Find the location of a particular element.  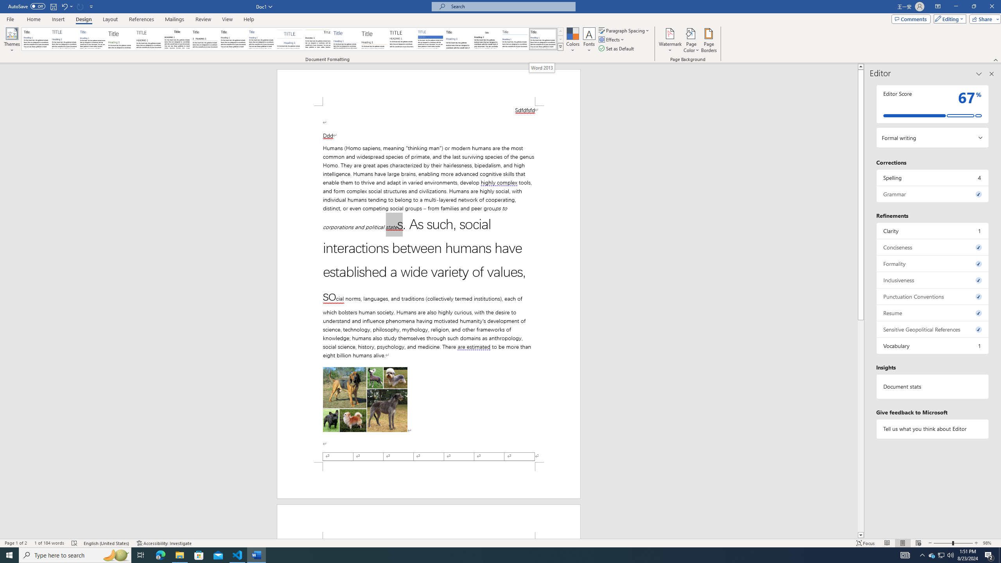

'Can' is located at coordinates (80, 6).